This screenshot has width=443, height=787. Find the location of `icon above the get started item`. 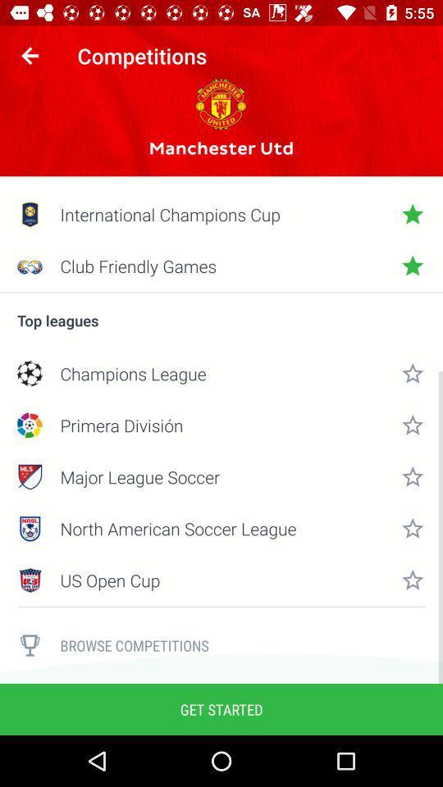

icon above the get started item is located at coordinates (30, 645).